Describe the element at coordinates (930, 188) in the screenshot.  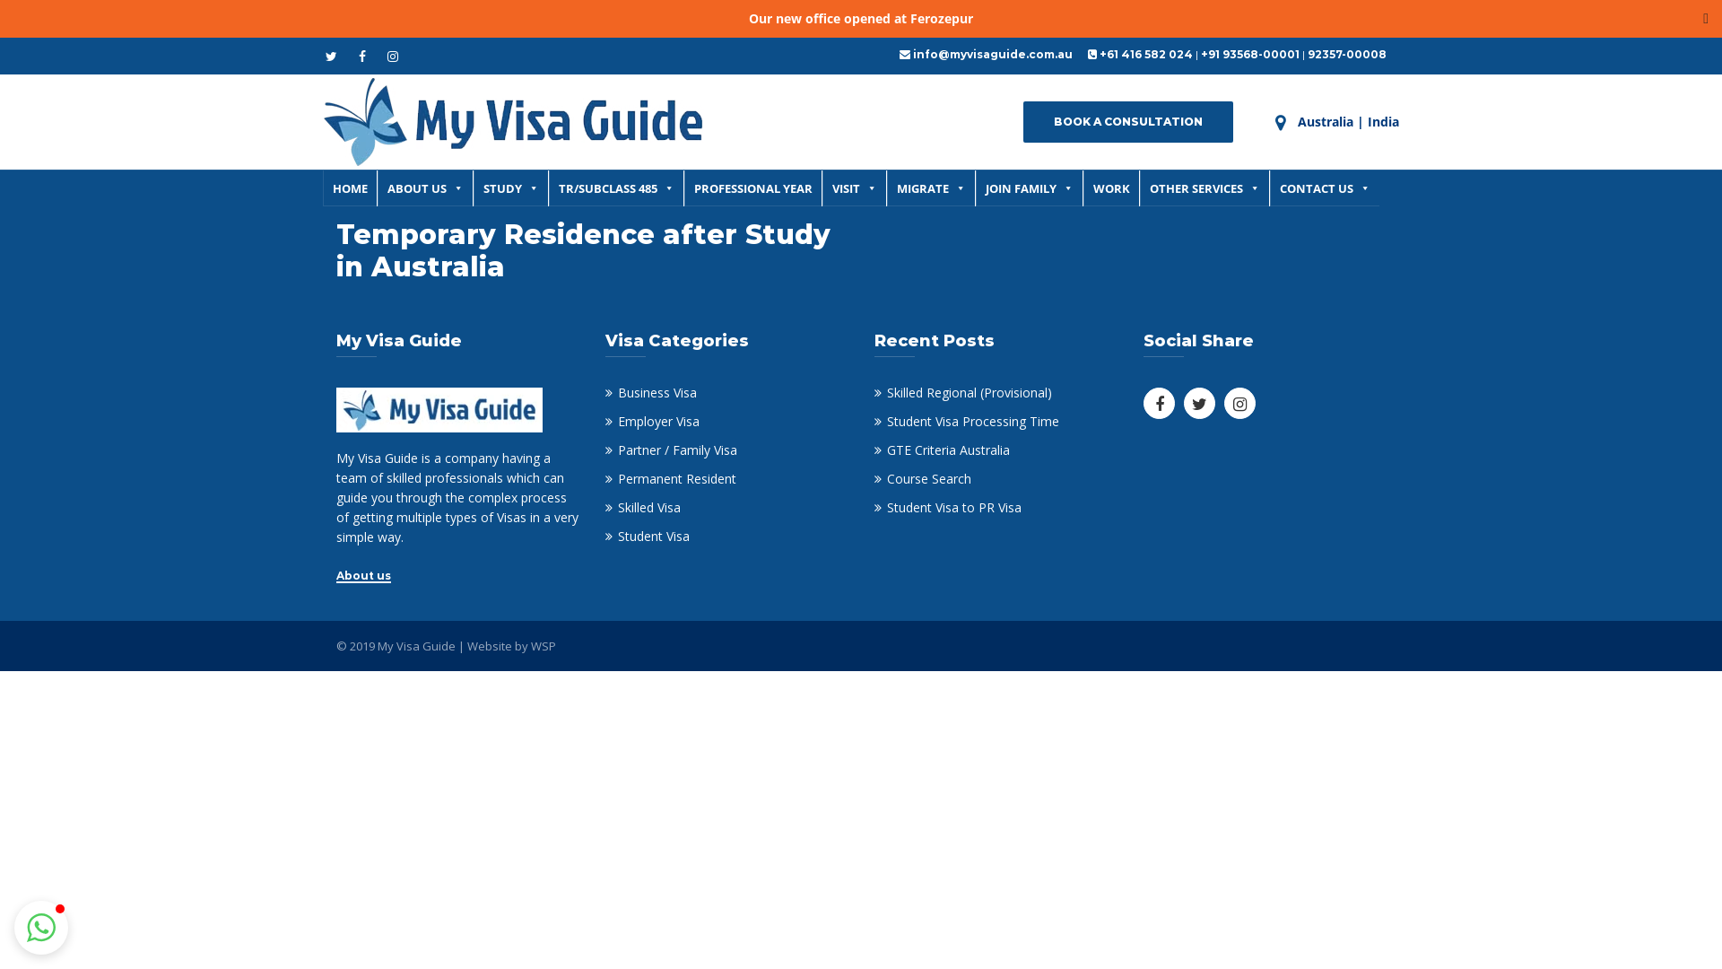
I see `'MIGRATE'` at that location.